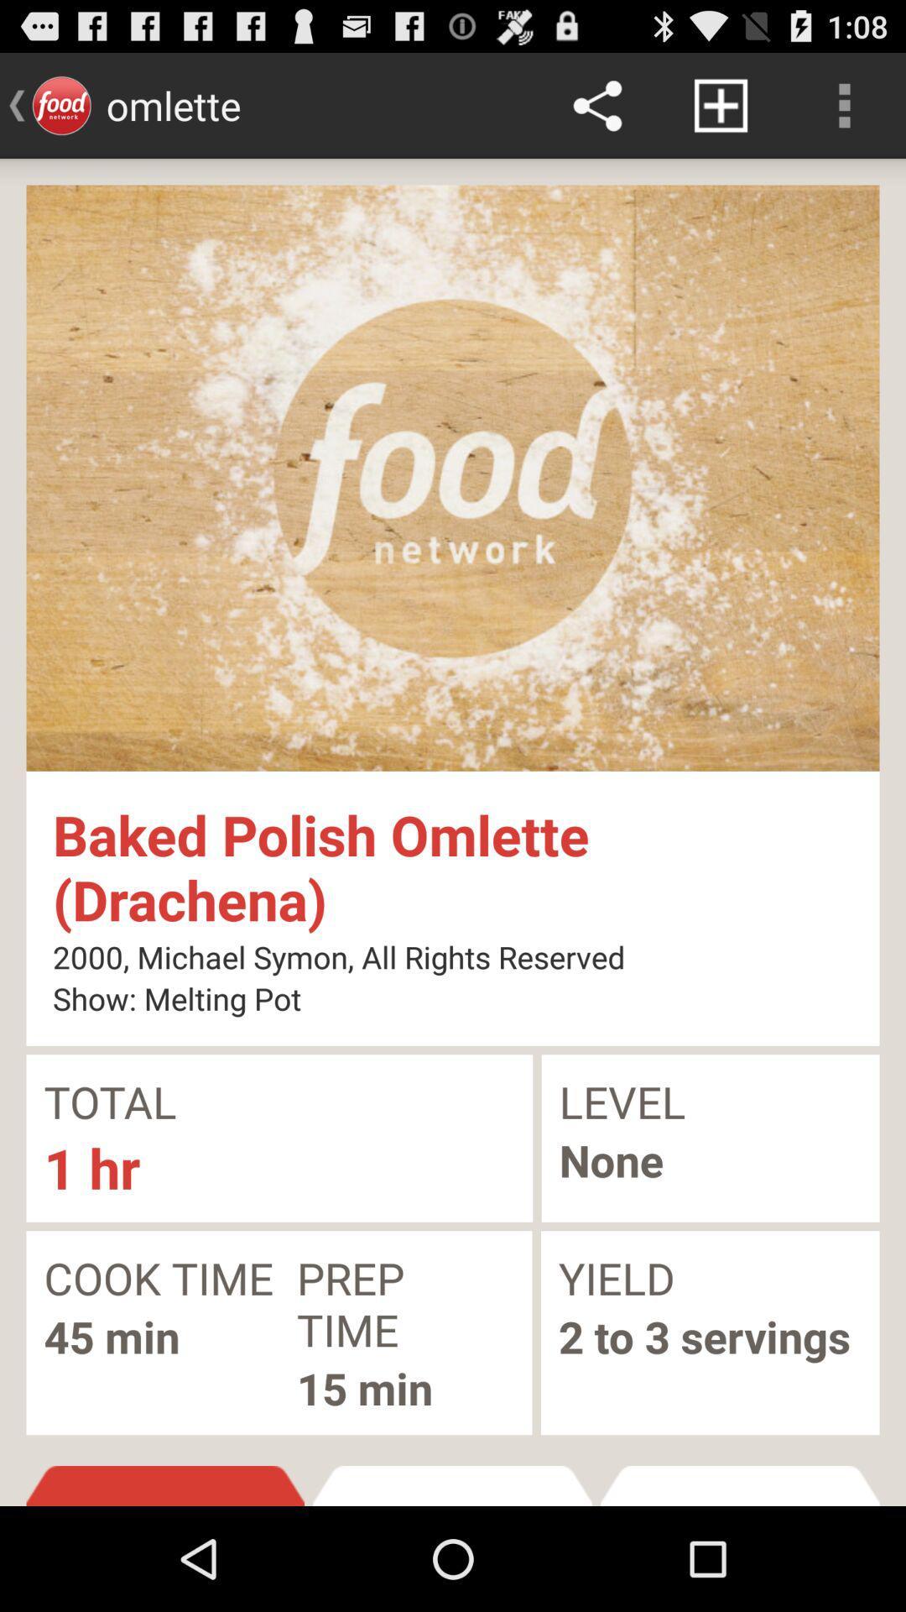  Describe the element at coordinates (739, 1486) in the screenshot. I see `item to the right of the recipe` at that location.